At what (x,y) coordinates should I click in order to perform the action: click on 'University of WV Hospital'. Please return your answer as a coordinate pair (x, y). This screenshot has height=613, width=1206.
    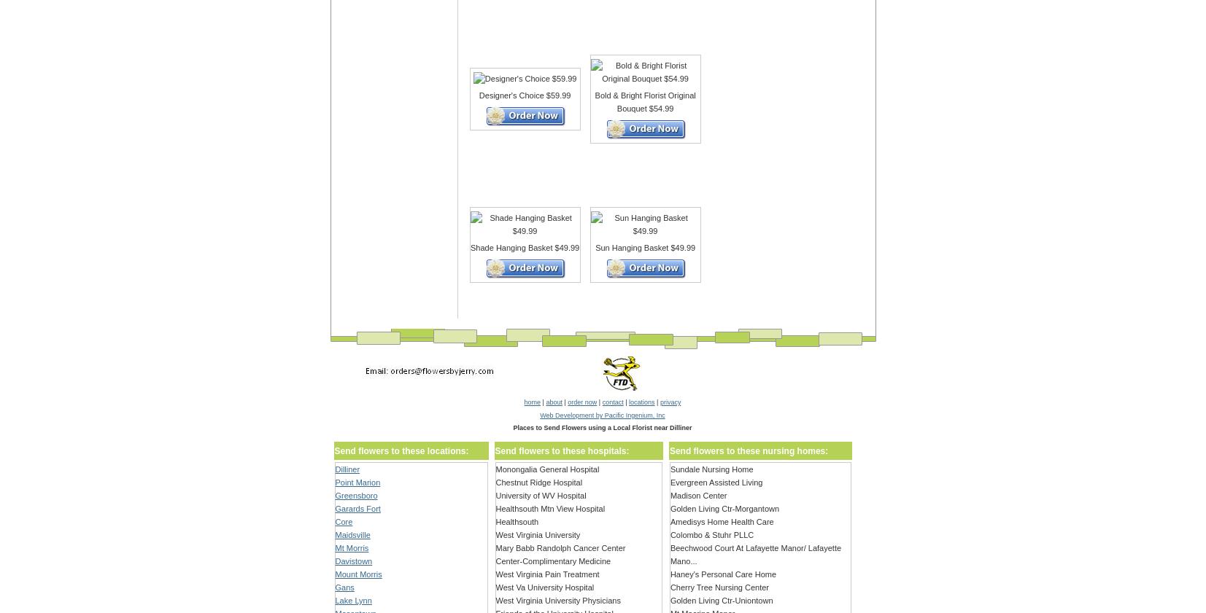
    Looking at the image, I should click on (540, 496).